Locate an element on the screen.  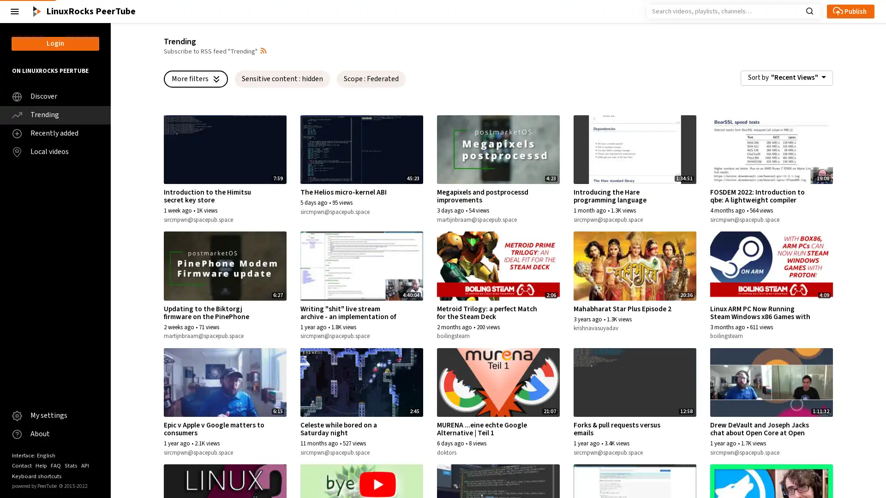
Open syndication dropdown is located at coordinates (263, 50).